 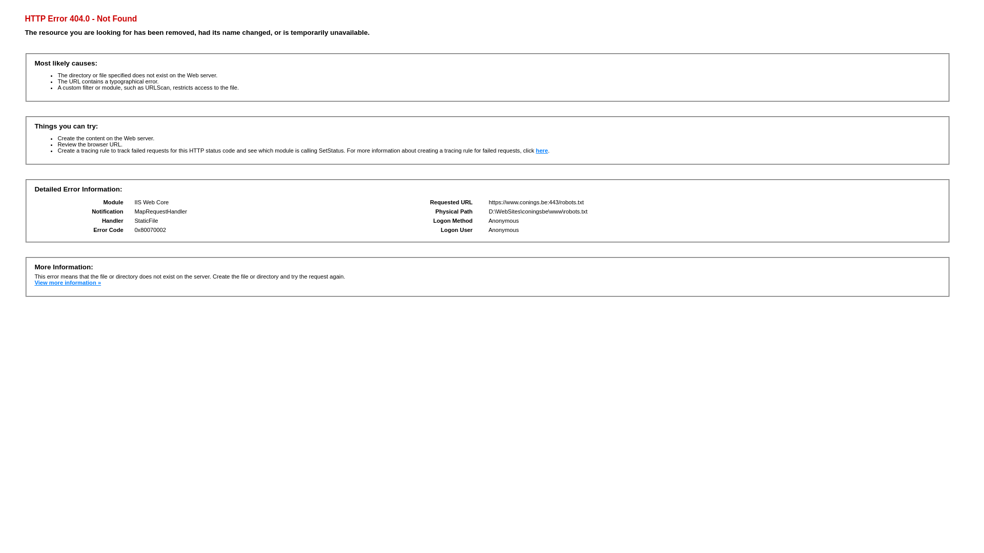 I want to click on 'here', so click(x=536, y=150).